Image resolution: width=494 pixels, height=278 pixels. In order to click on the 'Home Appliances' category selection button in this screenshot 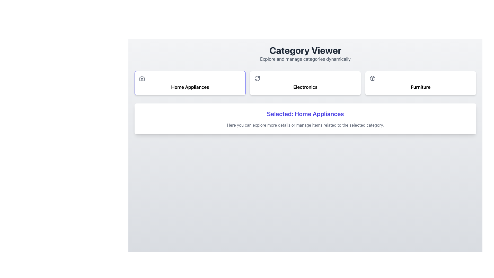, I will do `click(190, 83)`.